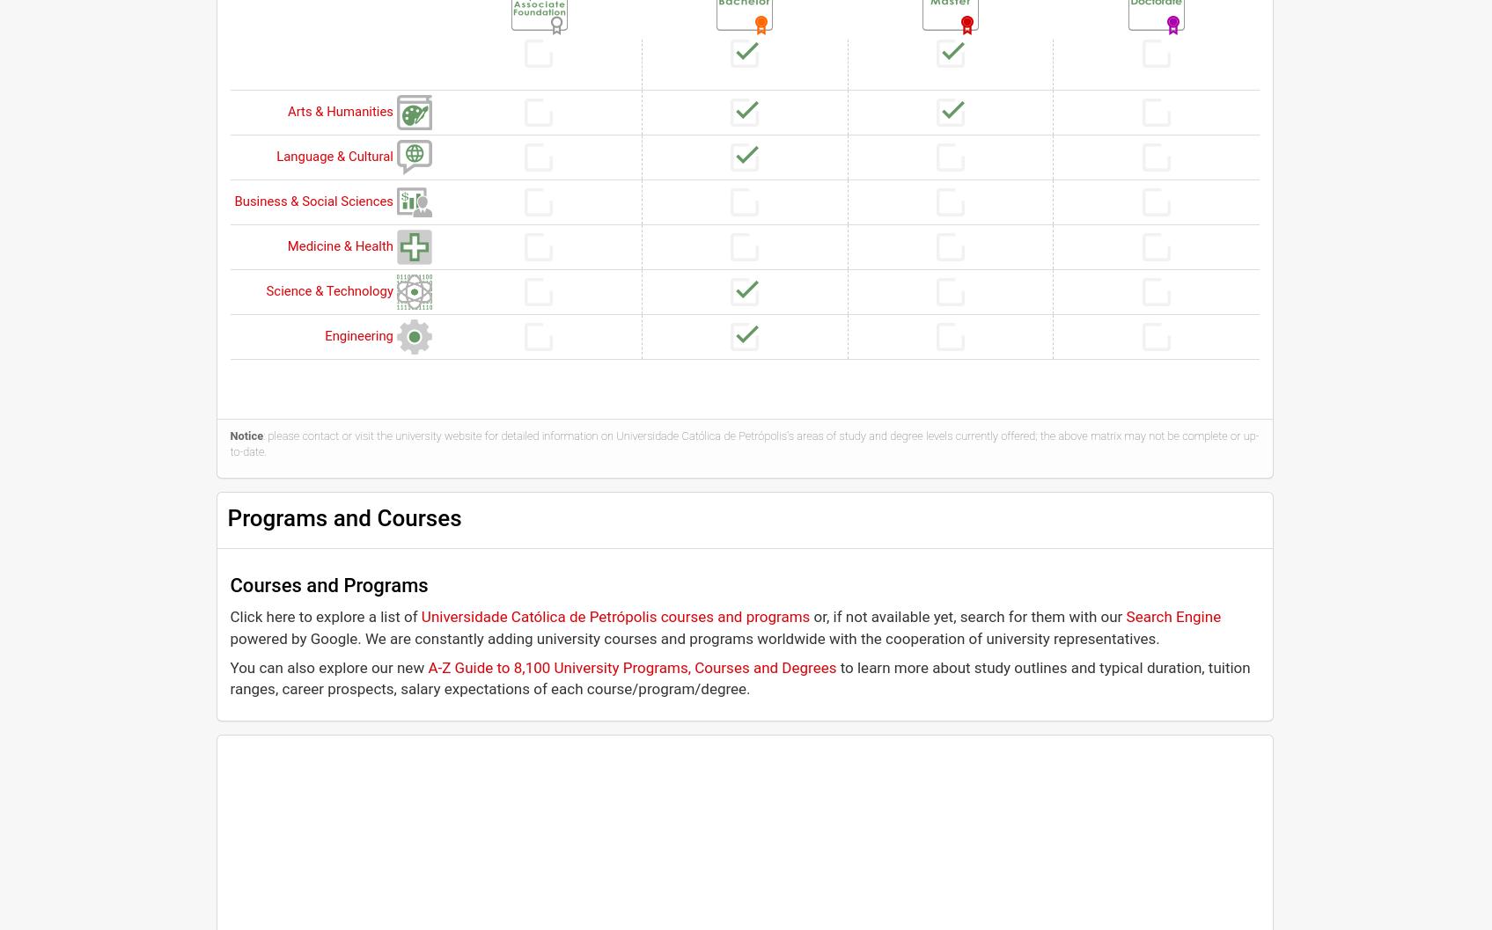  I want to click on 'Click here to explore a list of', so click(230, 616).